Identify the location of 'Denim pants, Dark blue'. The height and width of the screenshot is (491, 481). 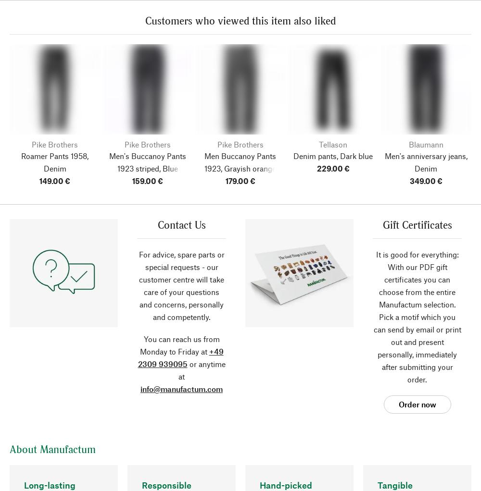
(293, 155).